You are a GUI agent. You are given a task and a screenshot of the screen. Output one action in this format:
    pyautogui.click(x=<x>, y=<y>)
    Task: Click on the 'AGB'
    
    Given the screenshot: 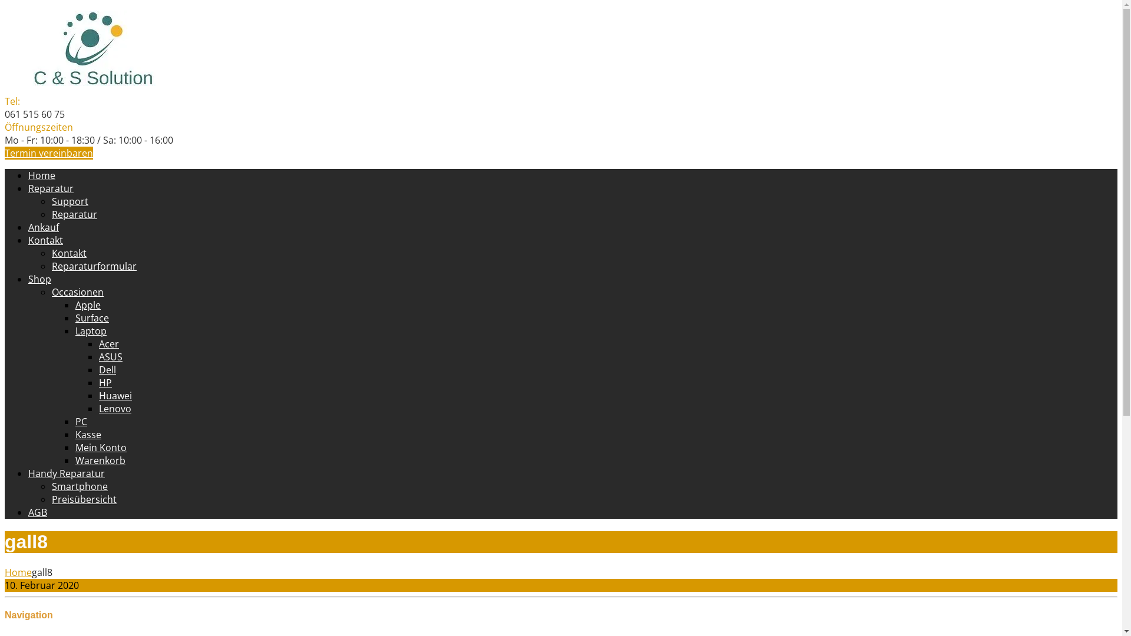 What is the action you would take?
    pyautogui.click(x=37, y=512)
    